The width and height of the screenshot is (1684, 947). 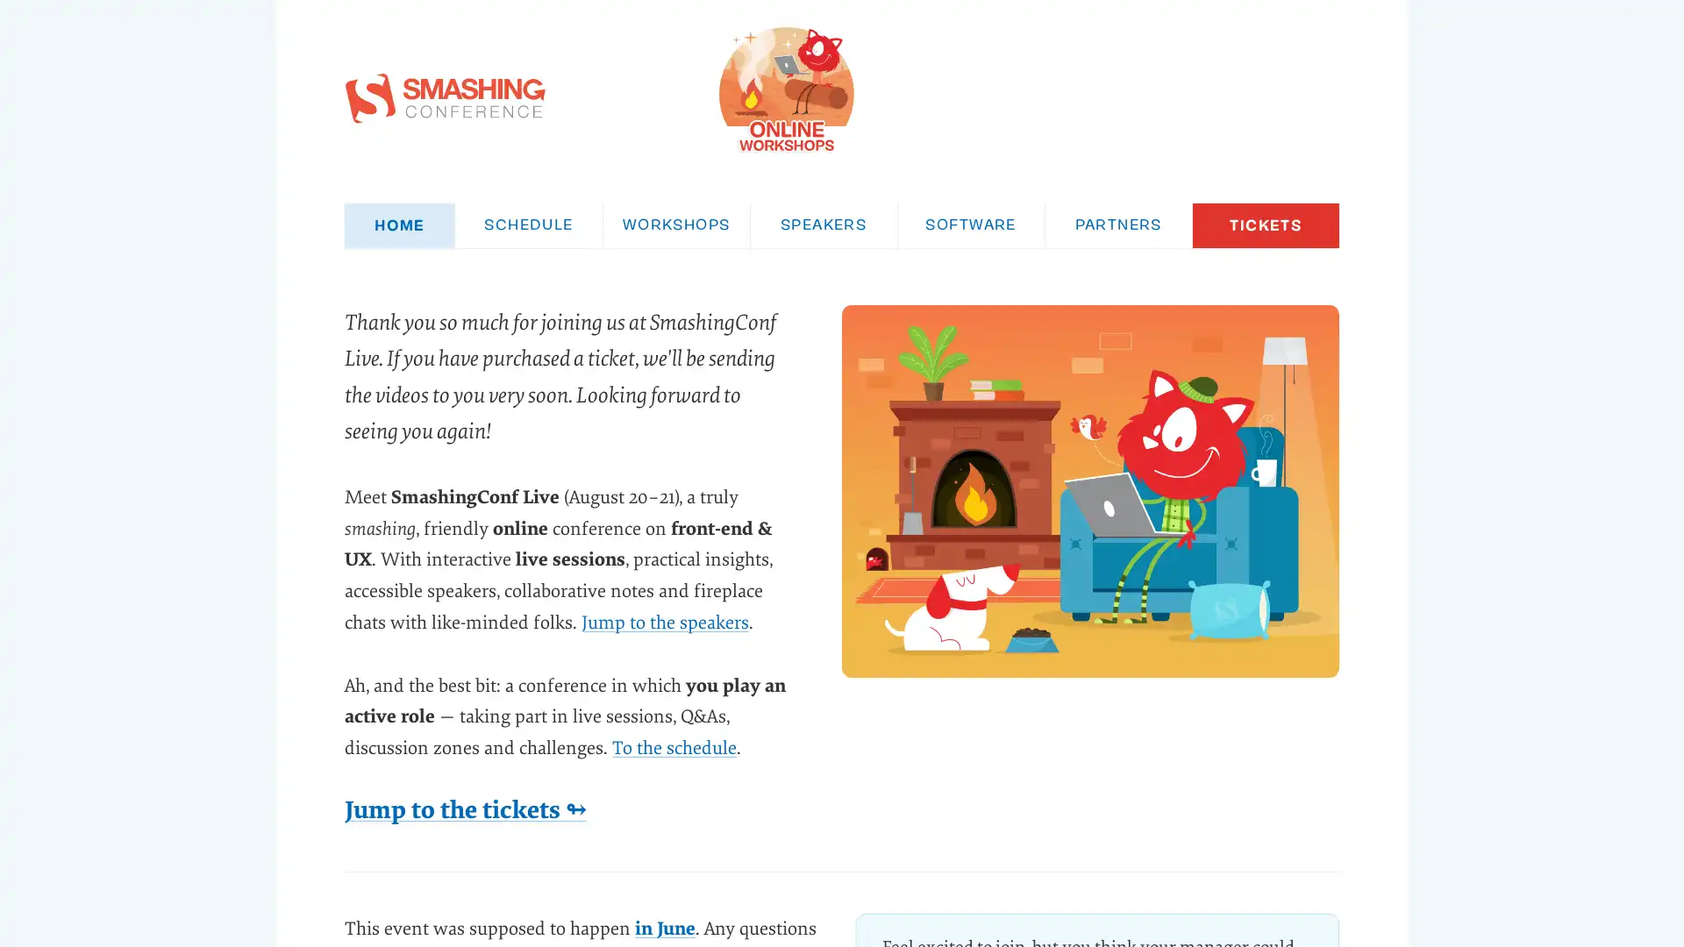 I want to click on SmashingConf, so click(x=1010, y=89).